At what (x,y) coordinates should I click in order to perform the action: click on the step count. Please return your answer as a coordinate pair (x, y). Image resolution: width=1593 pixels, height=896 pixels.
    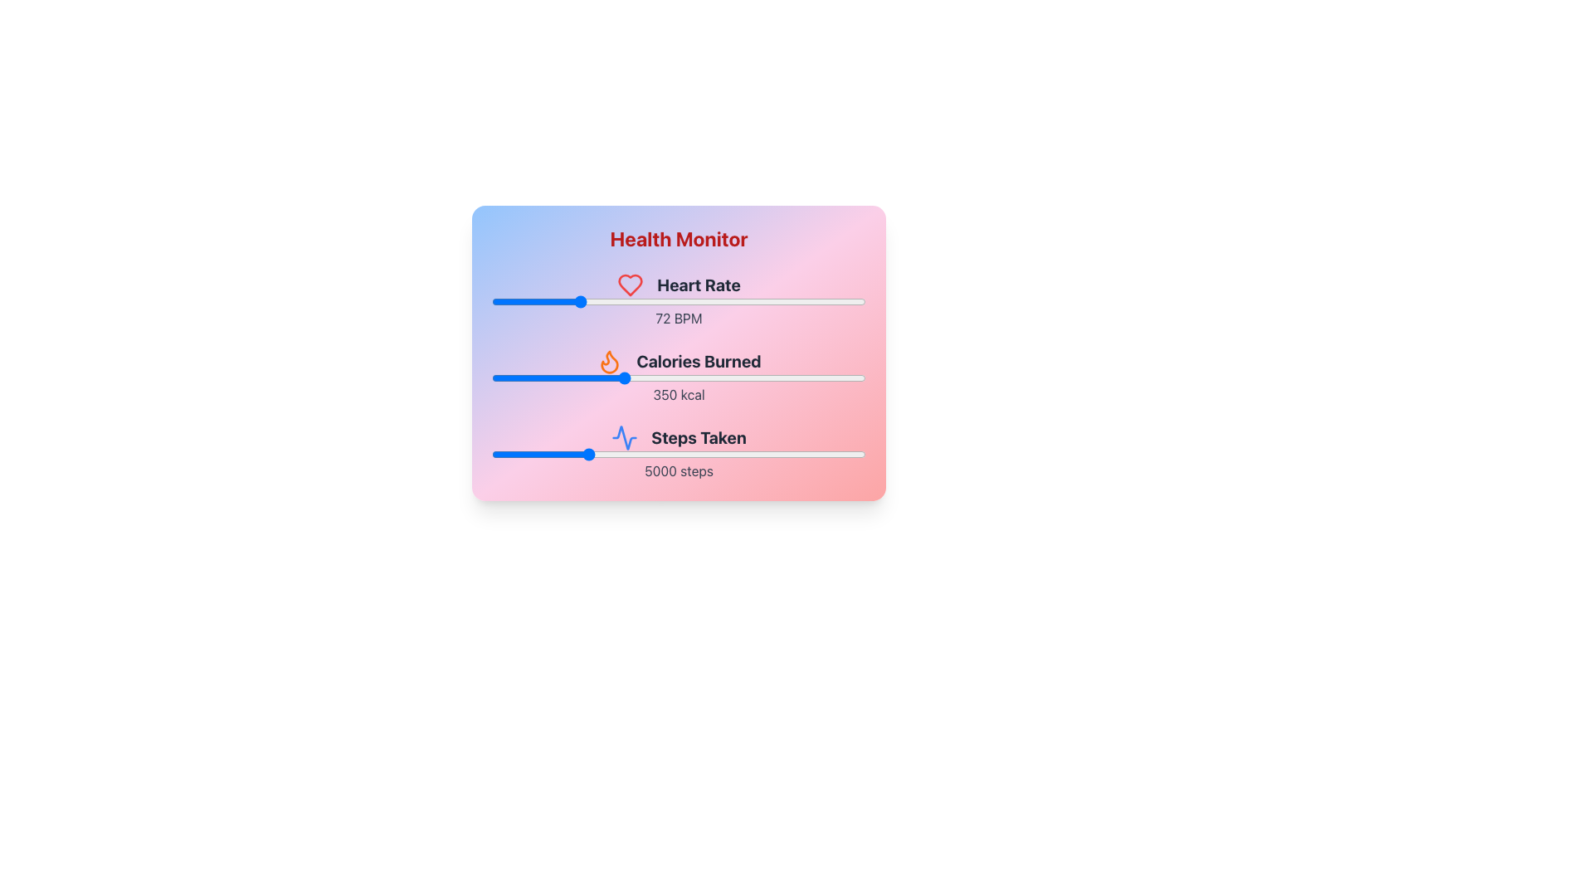
    Looking at the image, I should click on (517, 454).